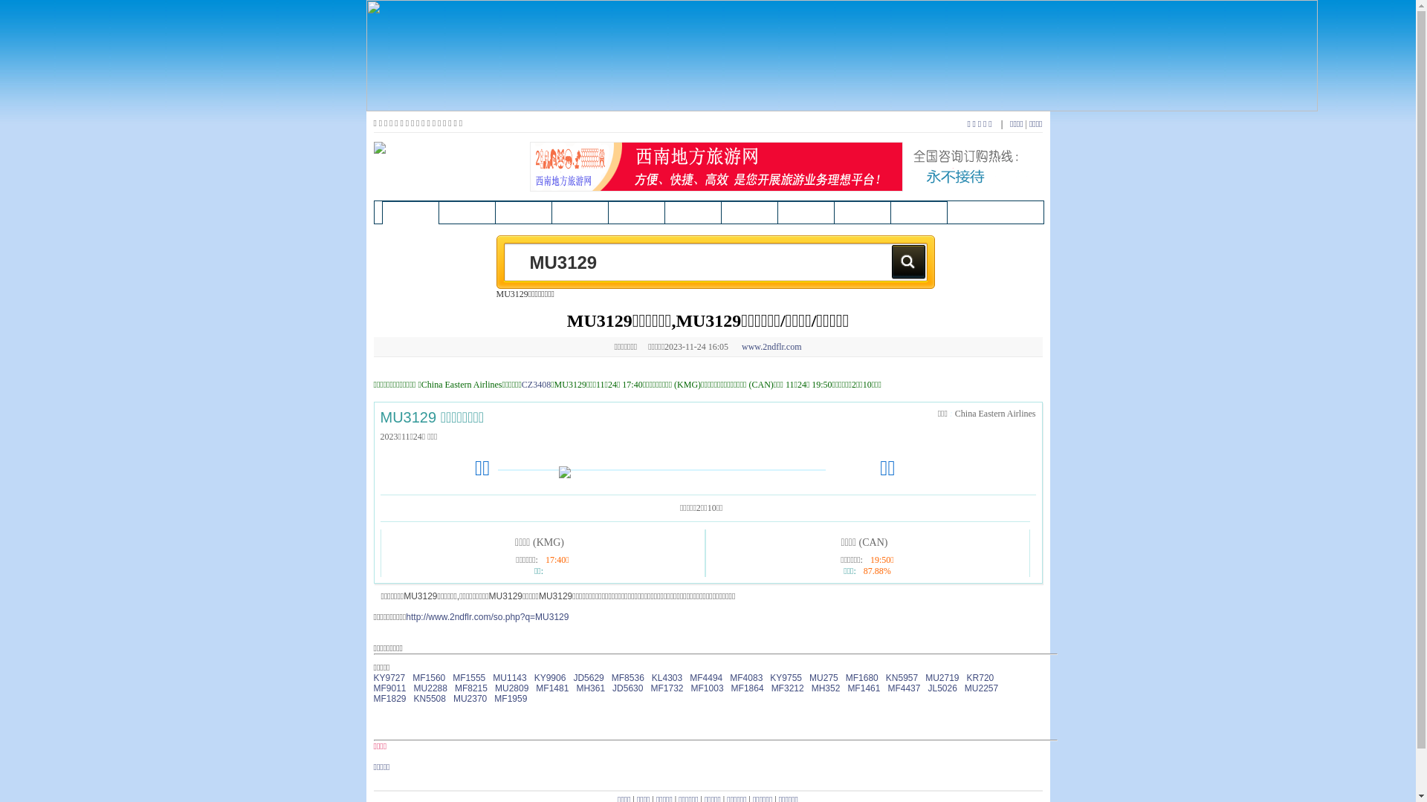 This screenshot has height=802, width=1427. I want to click on 'MF4494', so click(705, 678).